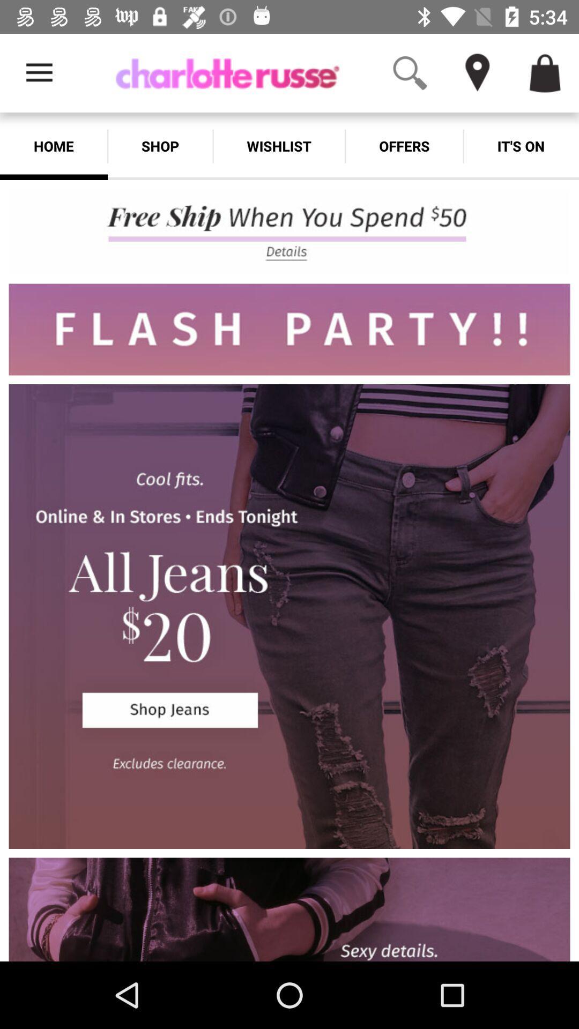 The image size is (579, 1029). Describe the element at coordinates (563, 47) in the screenshot. I see `the app above the it's on` at that location.